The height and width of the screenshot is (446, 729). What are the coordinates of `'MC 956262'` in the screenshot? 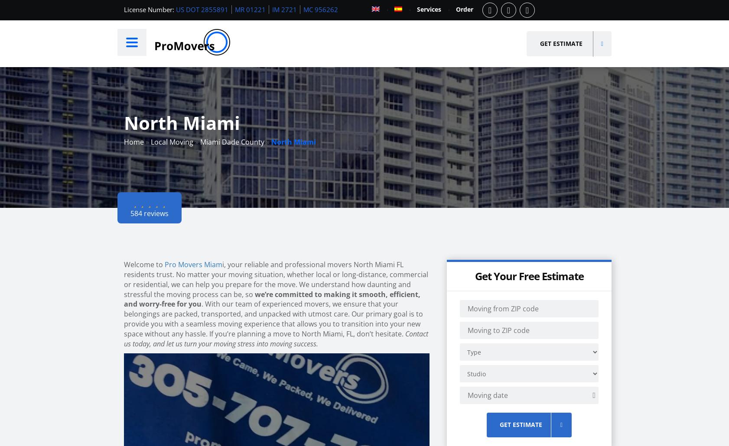 It's located at (321, 10).